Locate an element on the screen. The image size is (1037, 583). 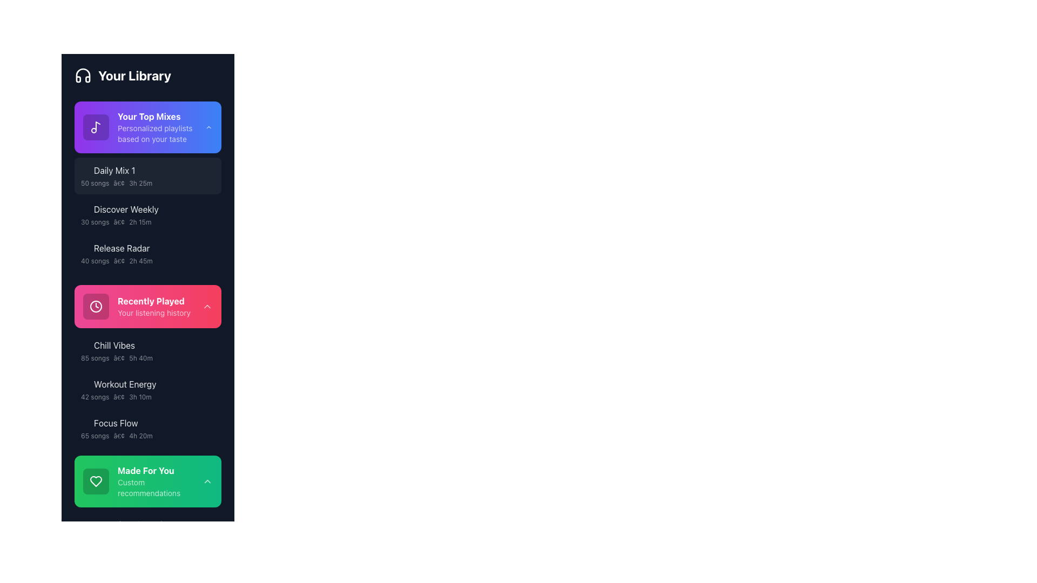
the stylized headphones icon located in the top-left corner of the interface, next to the 'Your Library' title is located at coordinates (82, 74).